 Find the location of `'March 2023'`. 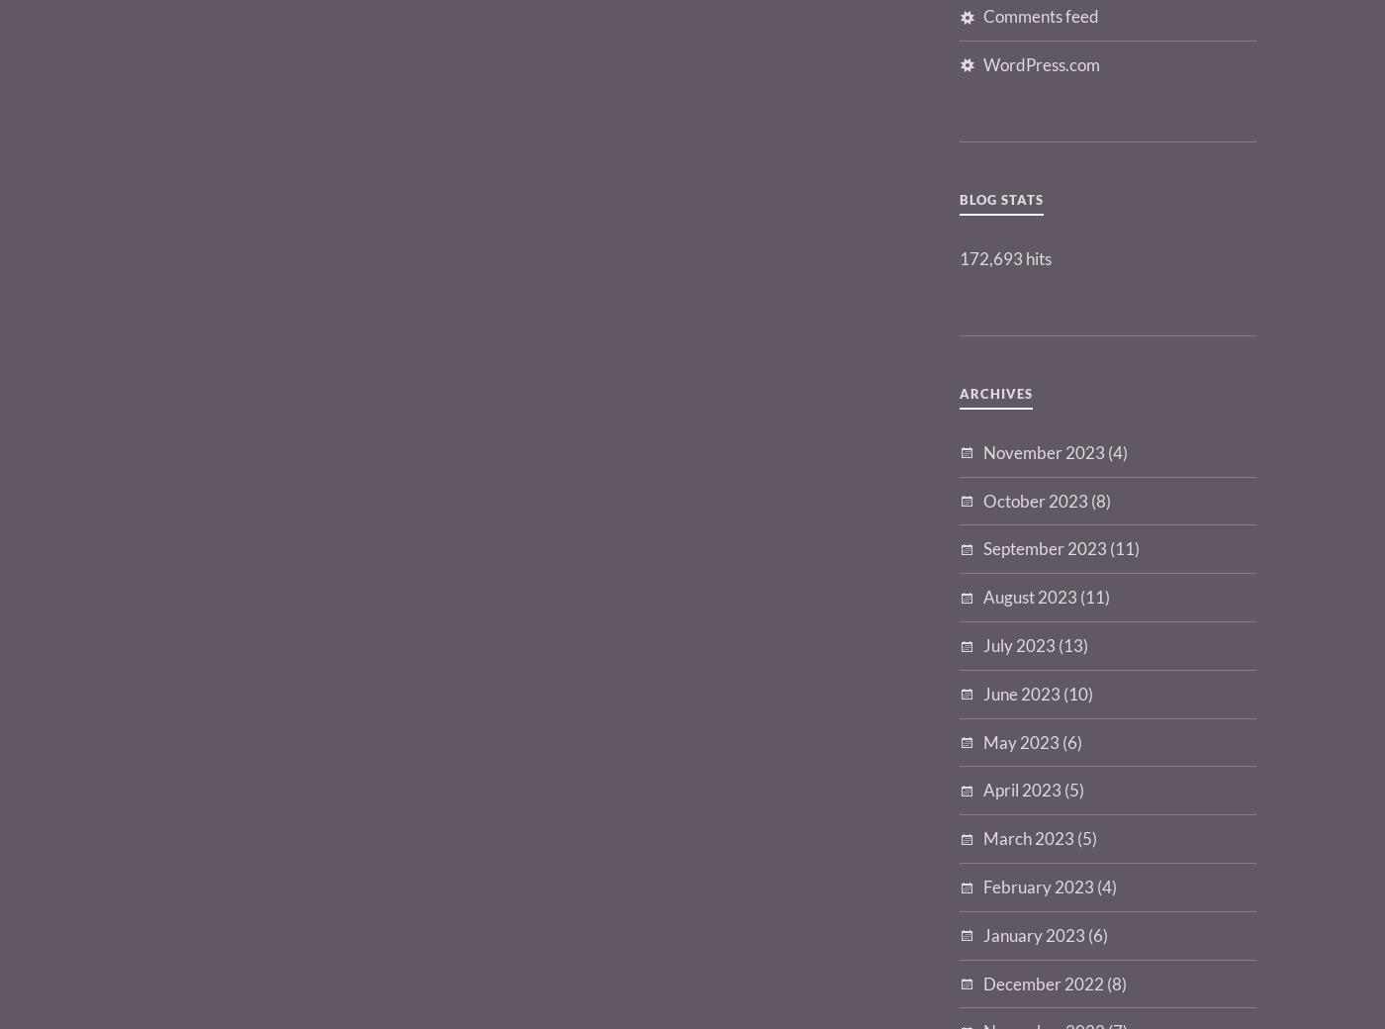

'March 2023' is located at coordinates (1029, 837).